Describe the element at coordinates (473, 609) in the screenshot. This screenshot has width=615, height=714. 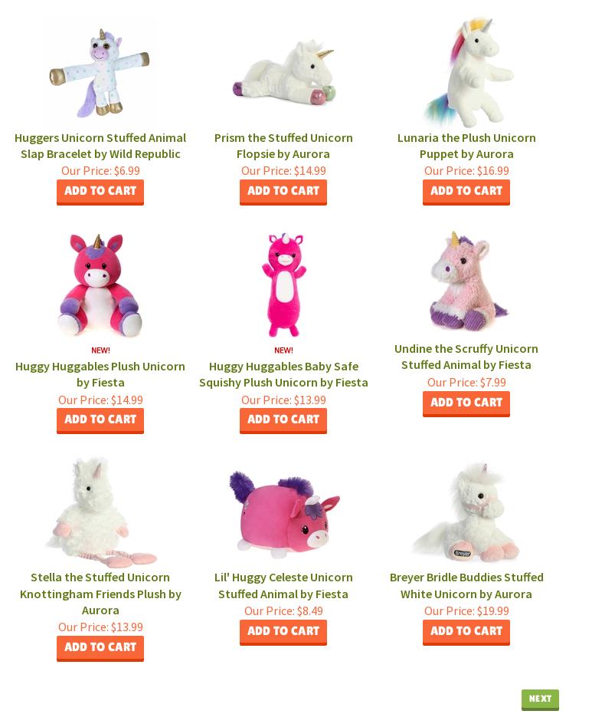
I see `'$19.99'` at that location.